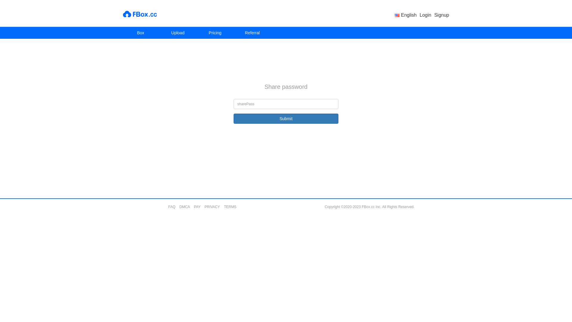 Image resolution: width=572 pixels, height=322 pixels. What do you see at coordinates (212, 207) in the screenshot?
I see `'PRIVACY'` at bounding box center [212, 207].